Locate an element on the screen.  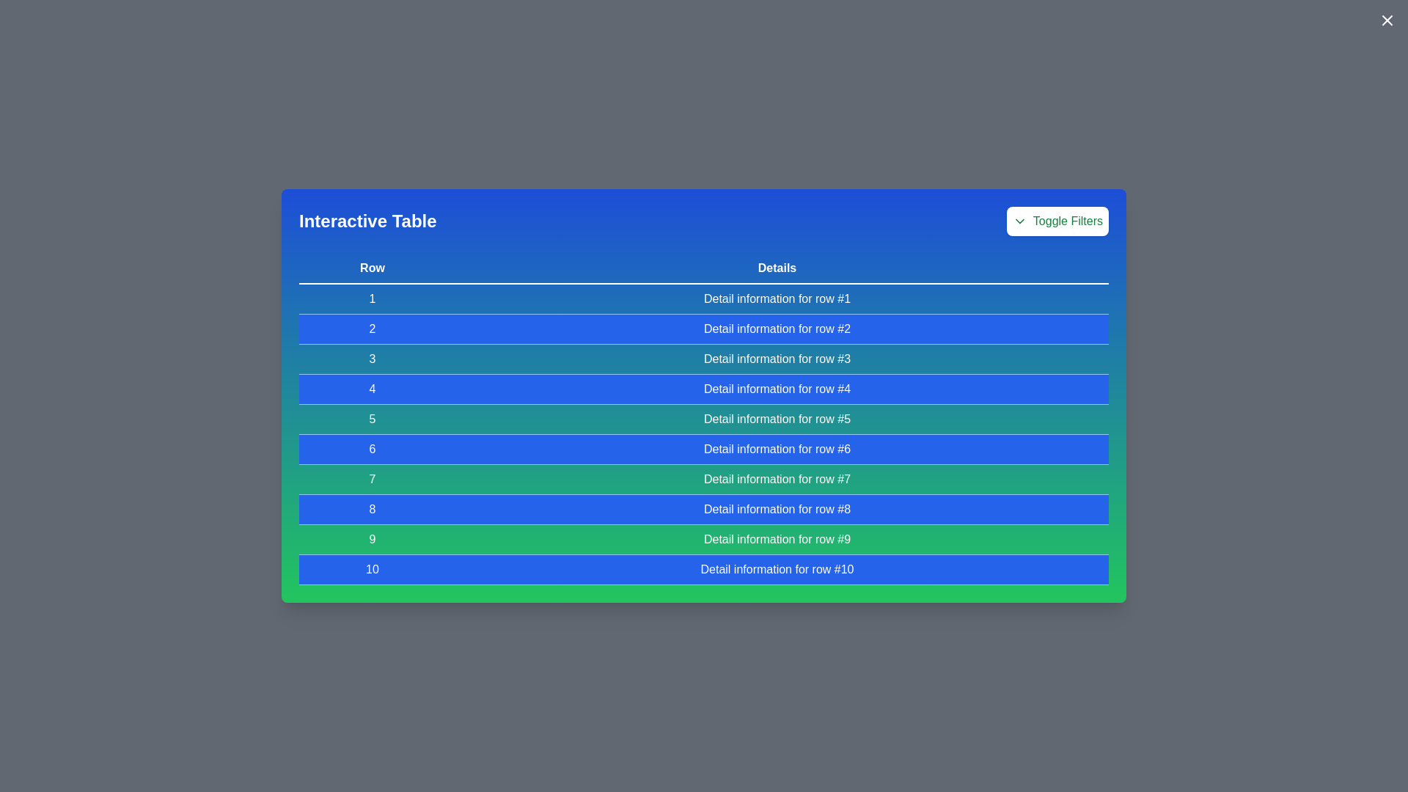
the close button in the top-right corner of the modal to close it is located at coordinates (1386, 20).